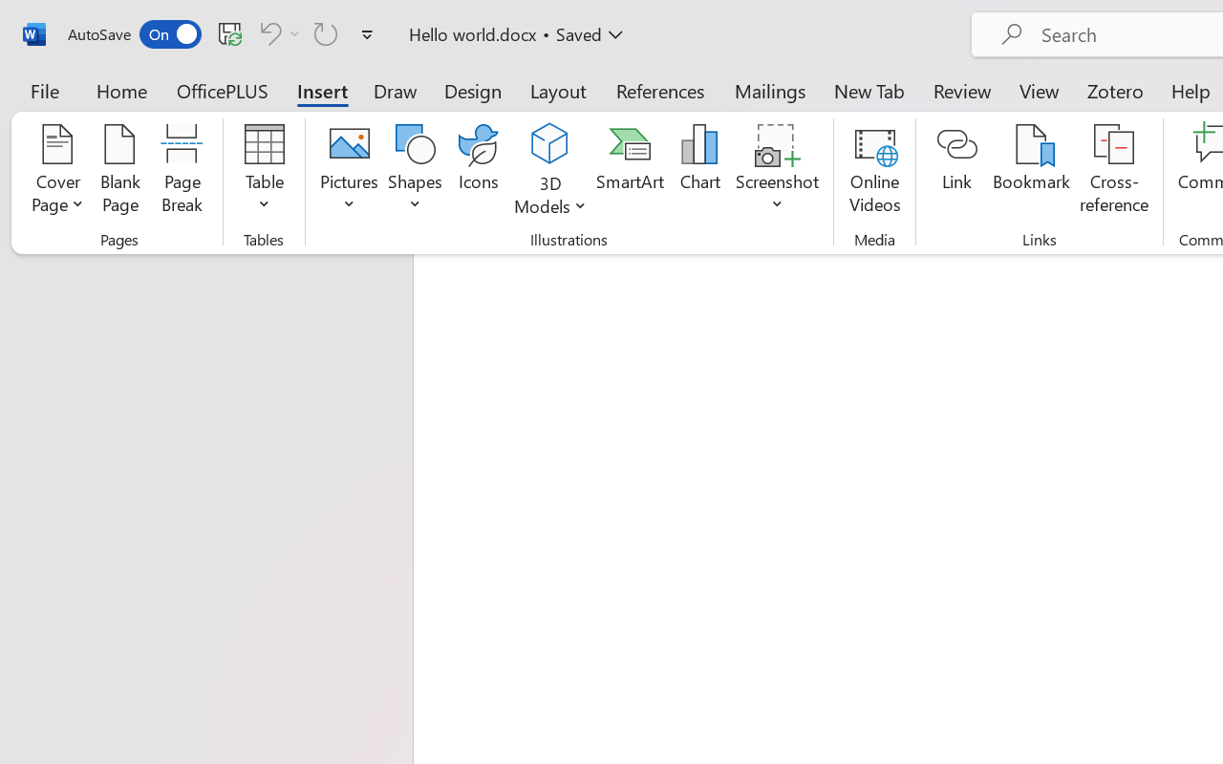  I want to click on 'Pictures', so click(349, 171).